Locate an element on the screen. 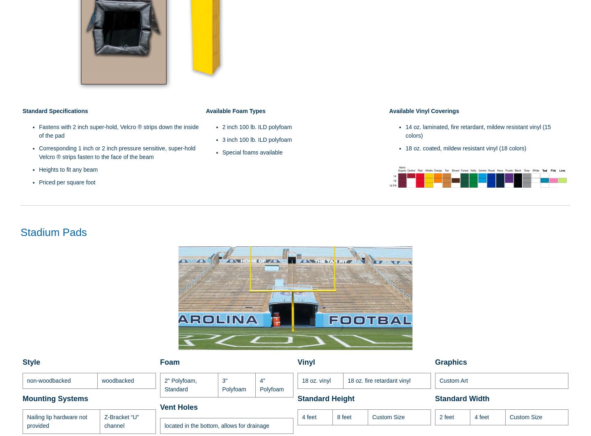 The image size is (591, 436). 'Style' is located at coordinates (31, 362).